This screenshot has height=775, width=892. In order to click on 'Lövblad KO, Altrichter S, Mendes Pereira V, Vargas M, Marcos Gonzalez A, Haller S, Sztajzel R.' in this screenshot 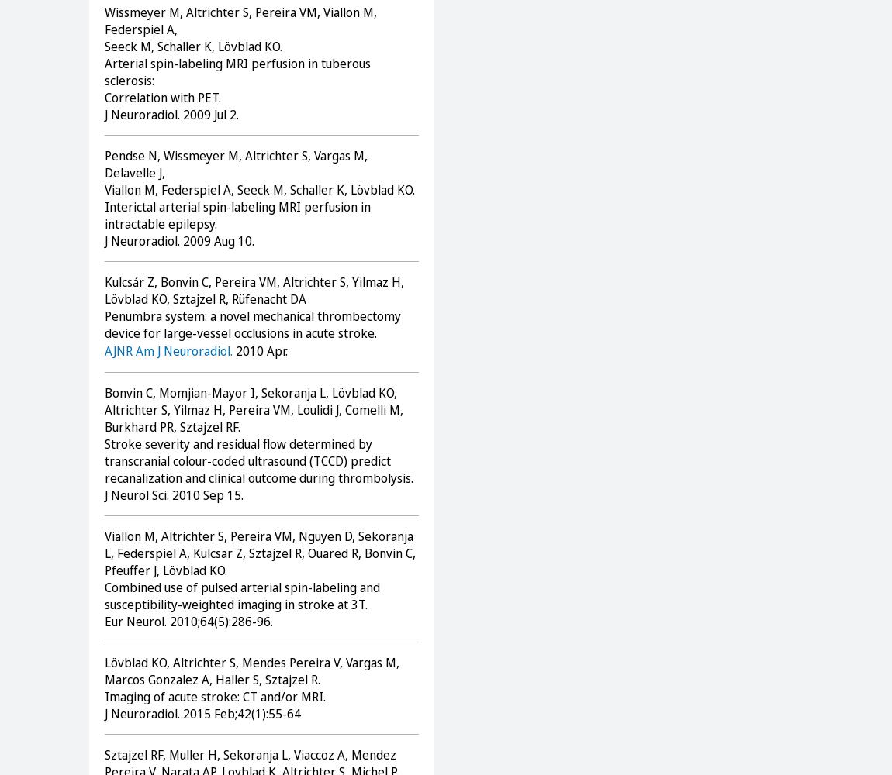, I will do `click(251, 670)`.